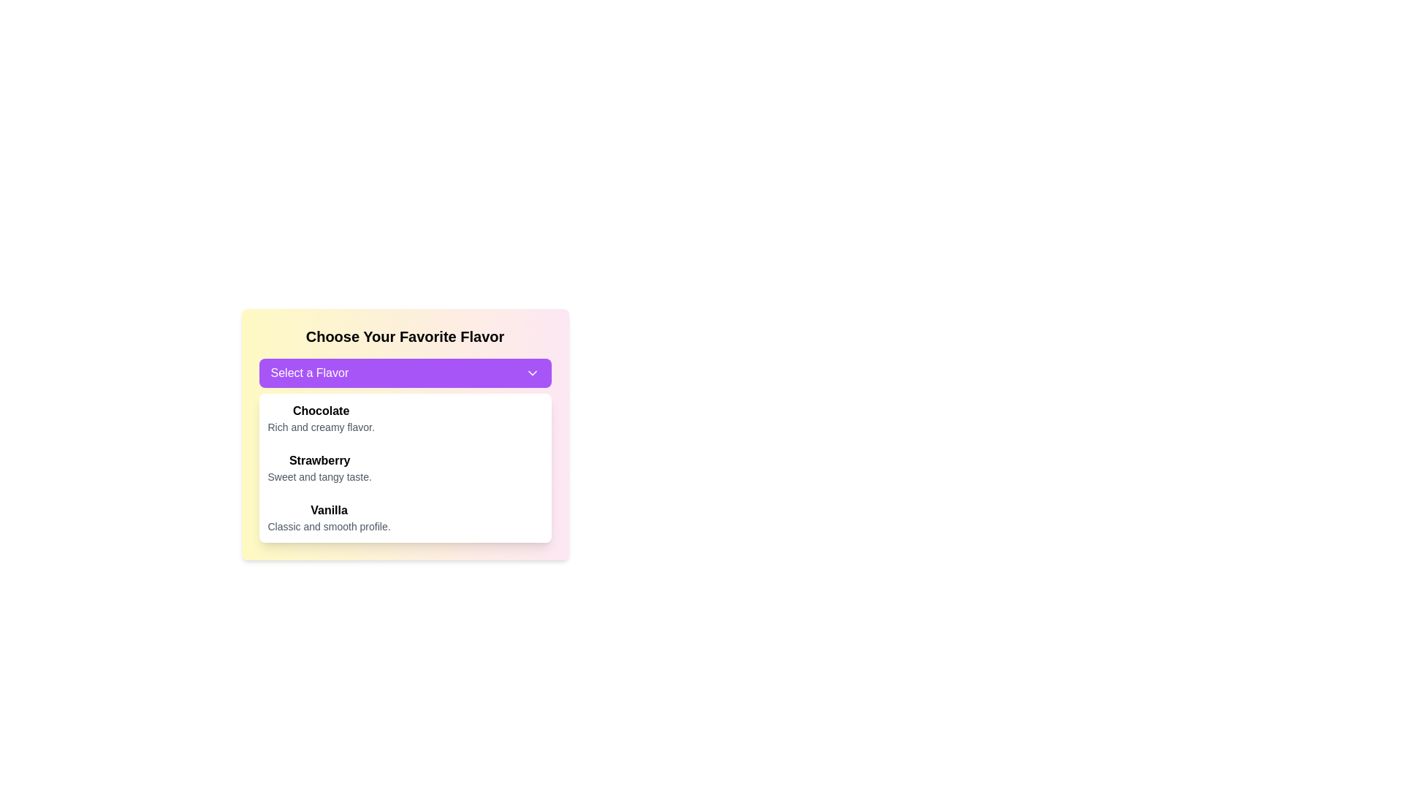 The image size is (1403, 789). What do you see at coordinates (319, 461) in the screenshot?
I see `the text label representing the flavor 'Strawberry' in the dropdown list of flavors` at bounding box center [319, 461].